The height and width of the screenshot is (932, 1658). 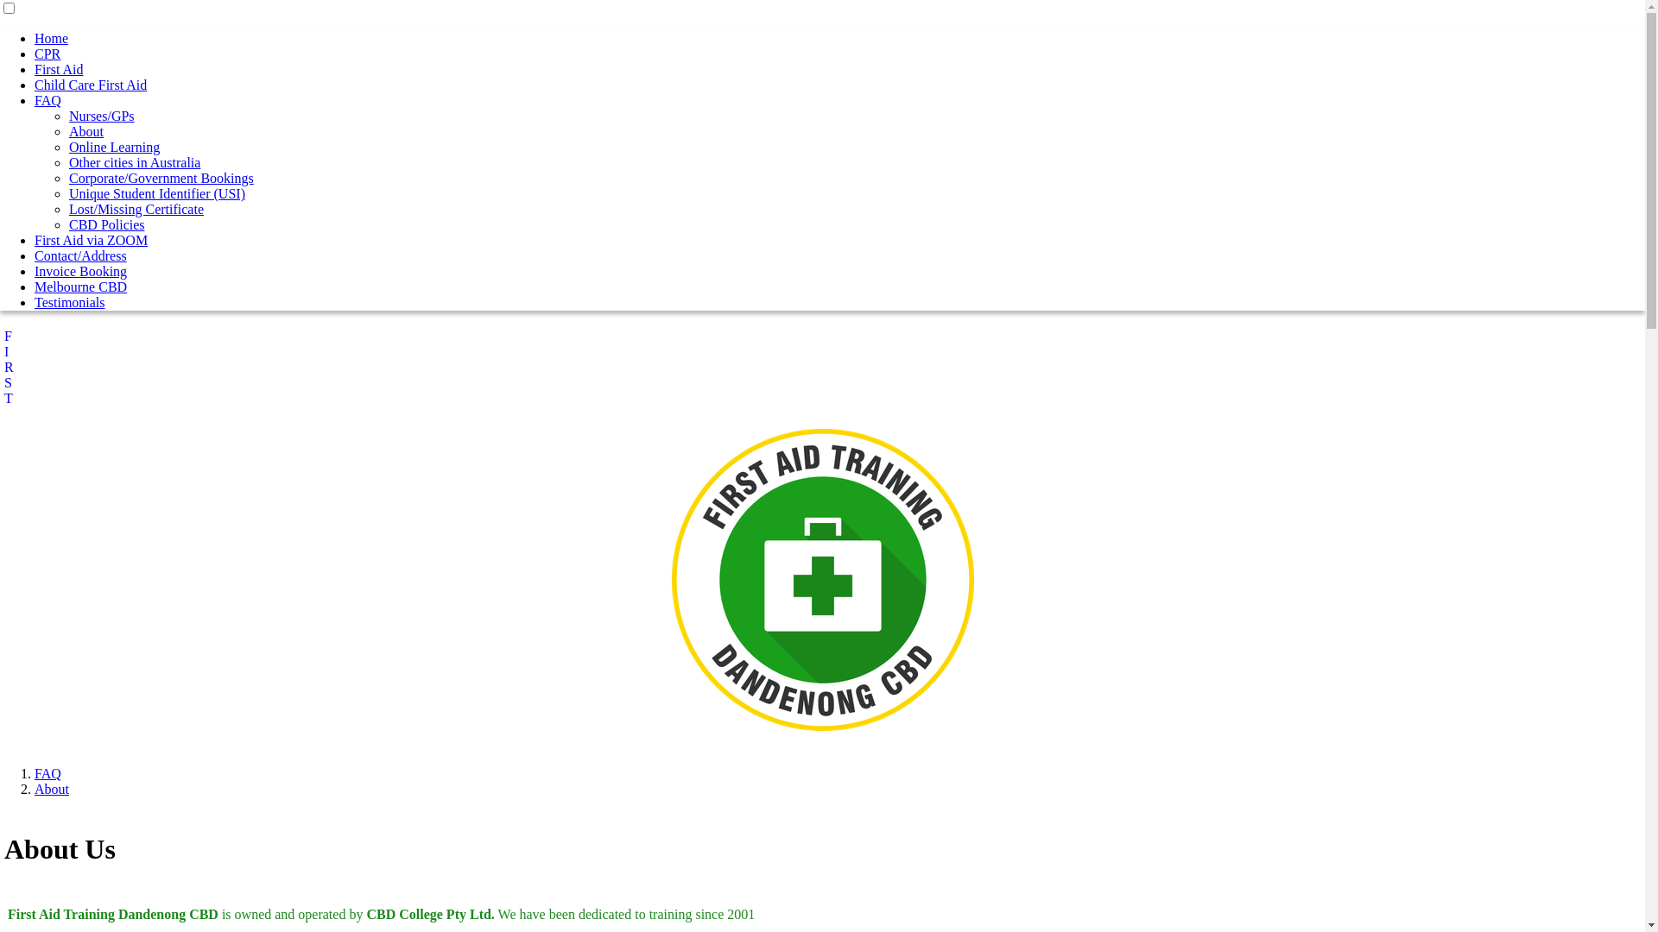 What do you see at coordinates (90, 85) in the screenshot?
I see `'Child Care First Aid'` at bounding box center [90, 85].